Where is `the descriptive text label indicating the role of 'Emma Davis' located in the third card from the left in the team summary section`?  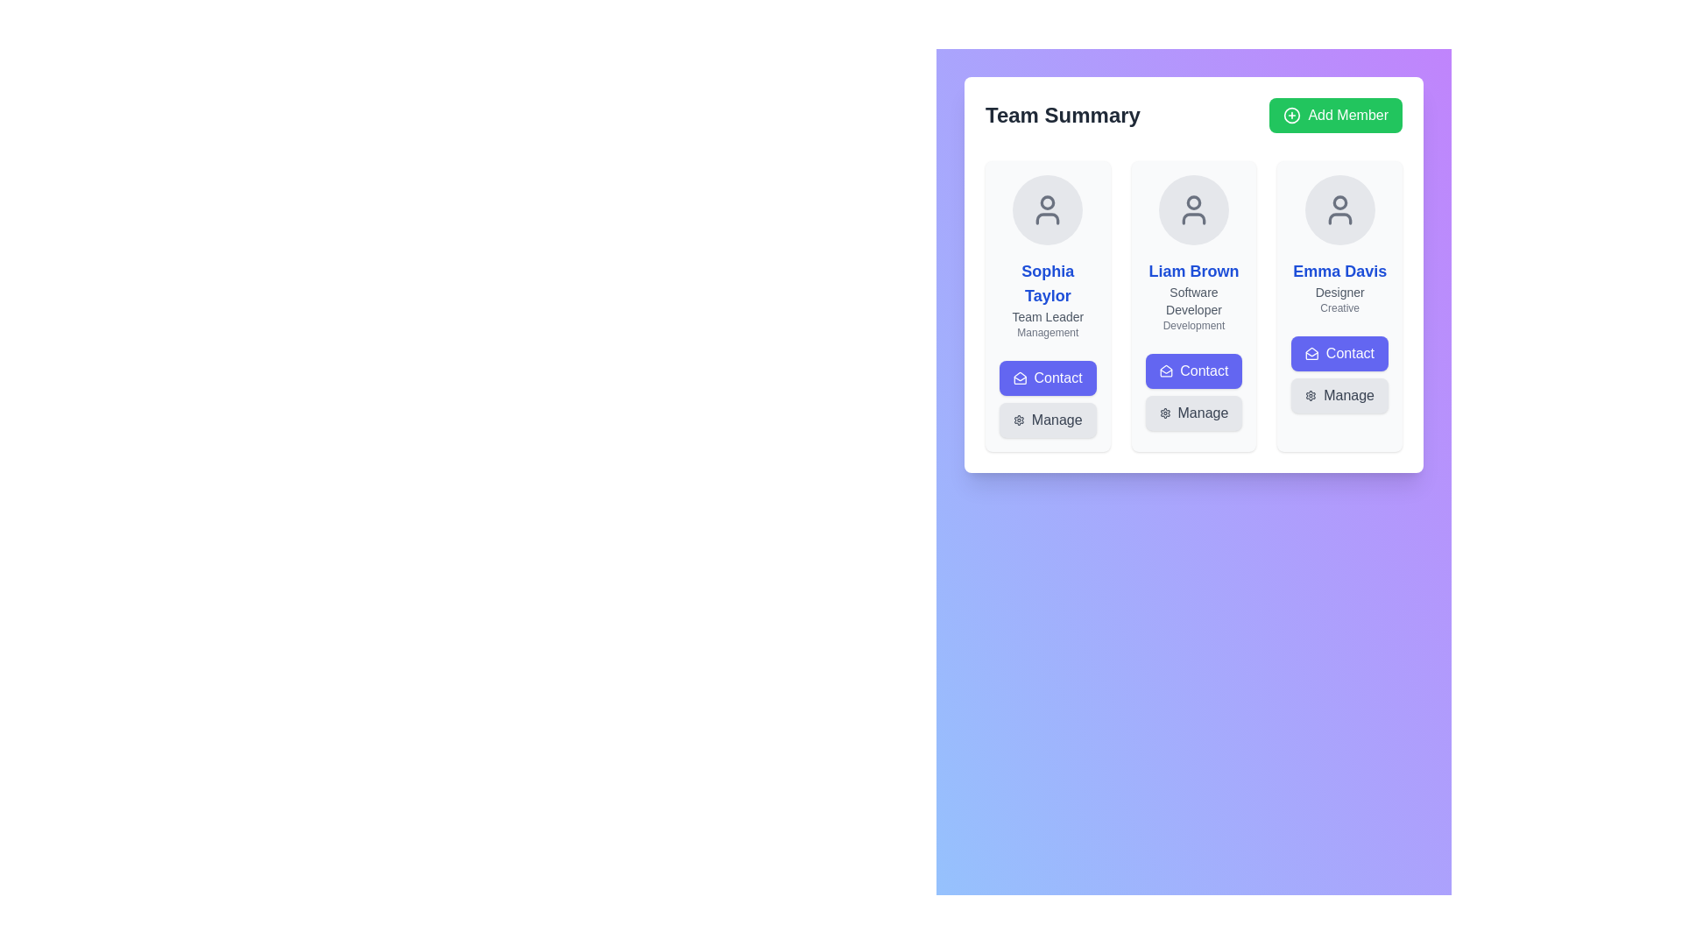 the descriptive text label indicating the role of 'Emma Davis' located in the third card from the left in the team summary section is located at coordinates (1339, 292).